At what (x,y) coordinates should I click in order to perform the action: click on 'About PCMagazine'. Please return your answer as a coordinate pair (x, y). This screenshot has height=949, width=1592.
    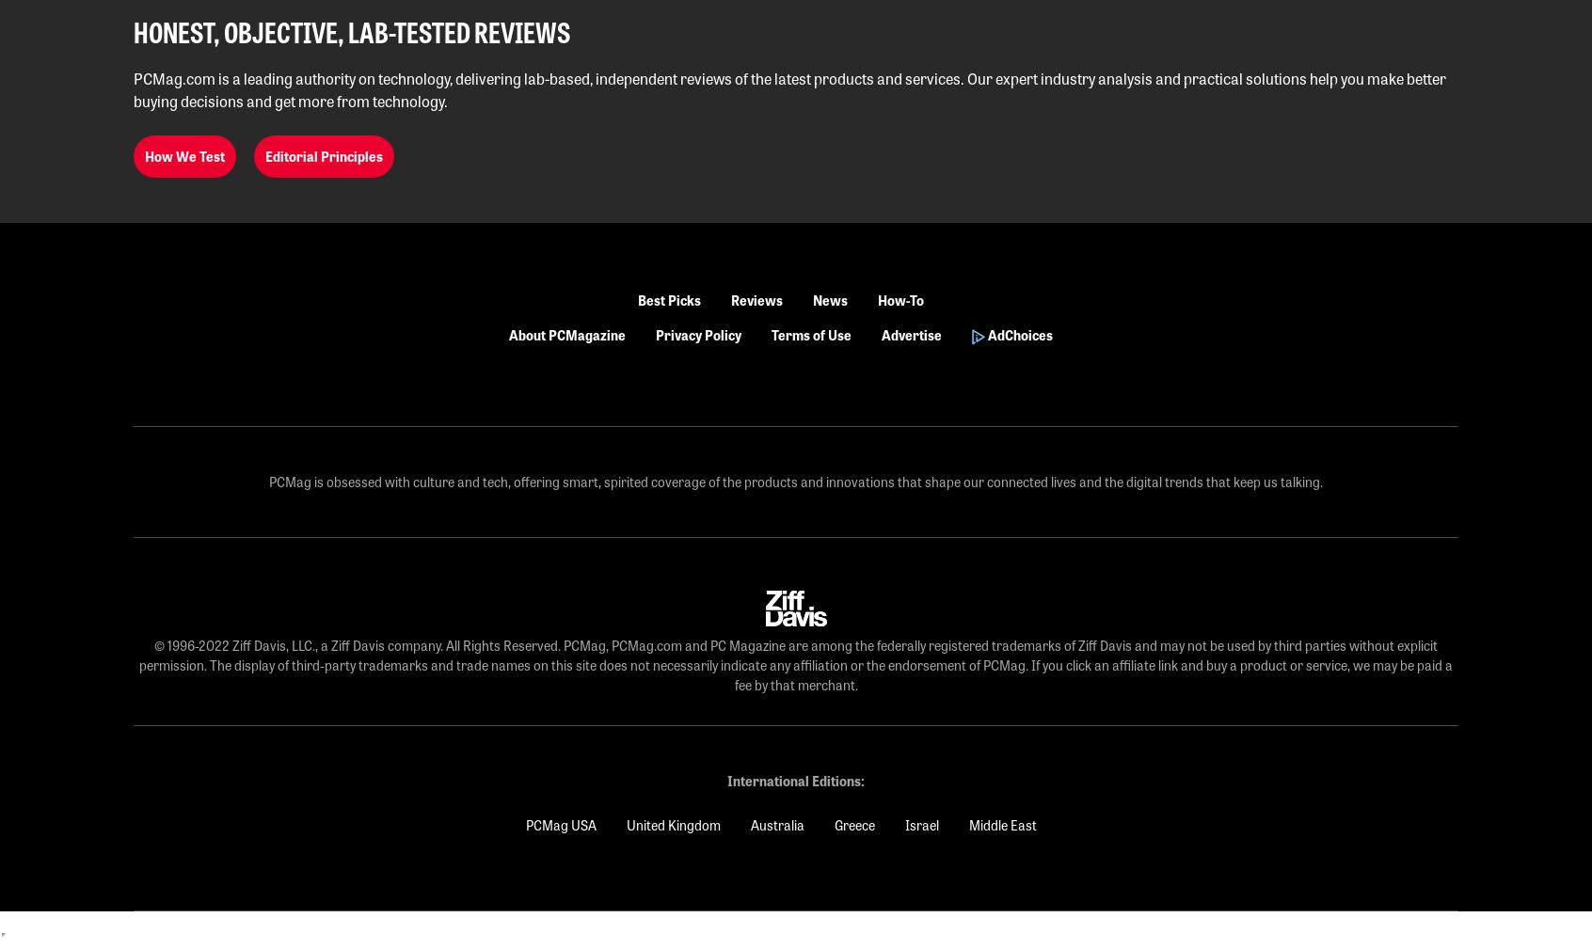
    Looking at the image, I should click on (566, 333).